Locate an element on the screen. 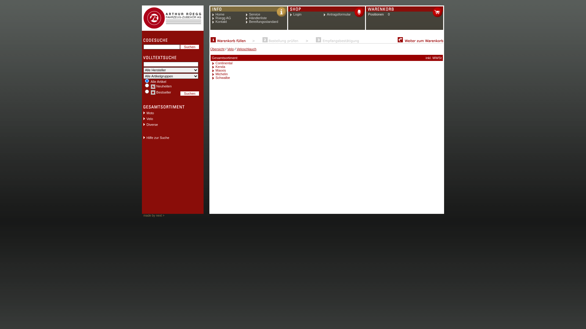  'Velo' is located at coordinates (230, 49).